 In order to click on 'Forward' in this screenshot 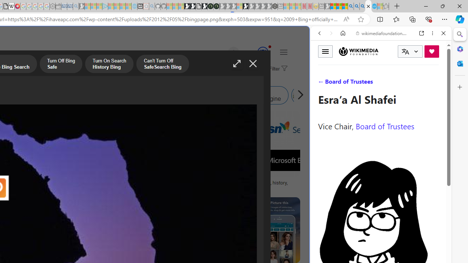, I will do `click(331, 33)`.